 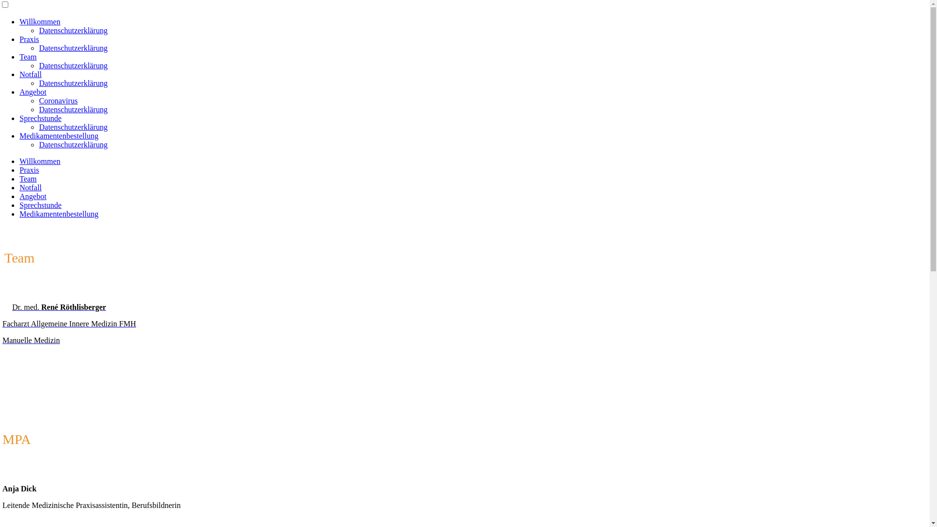 What do you see at coordinates (28, 179) in the screenshot?
I see `'Team'` at bounding box center [28, 179].